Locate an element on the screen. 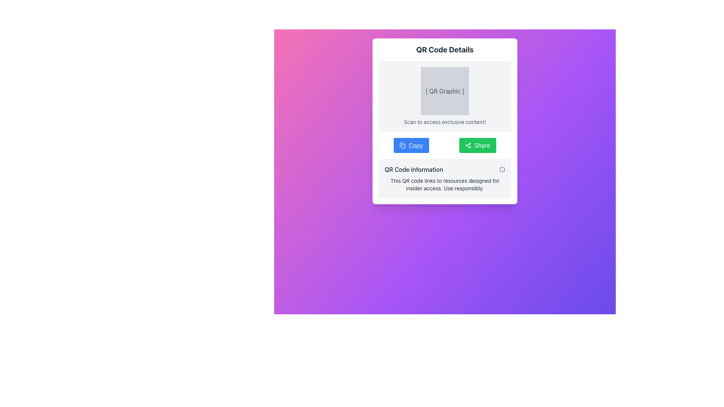 The image size is (724, 407). keyboard navigation is located at coordinates (477, 145).